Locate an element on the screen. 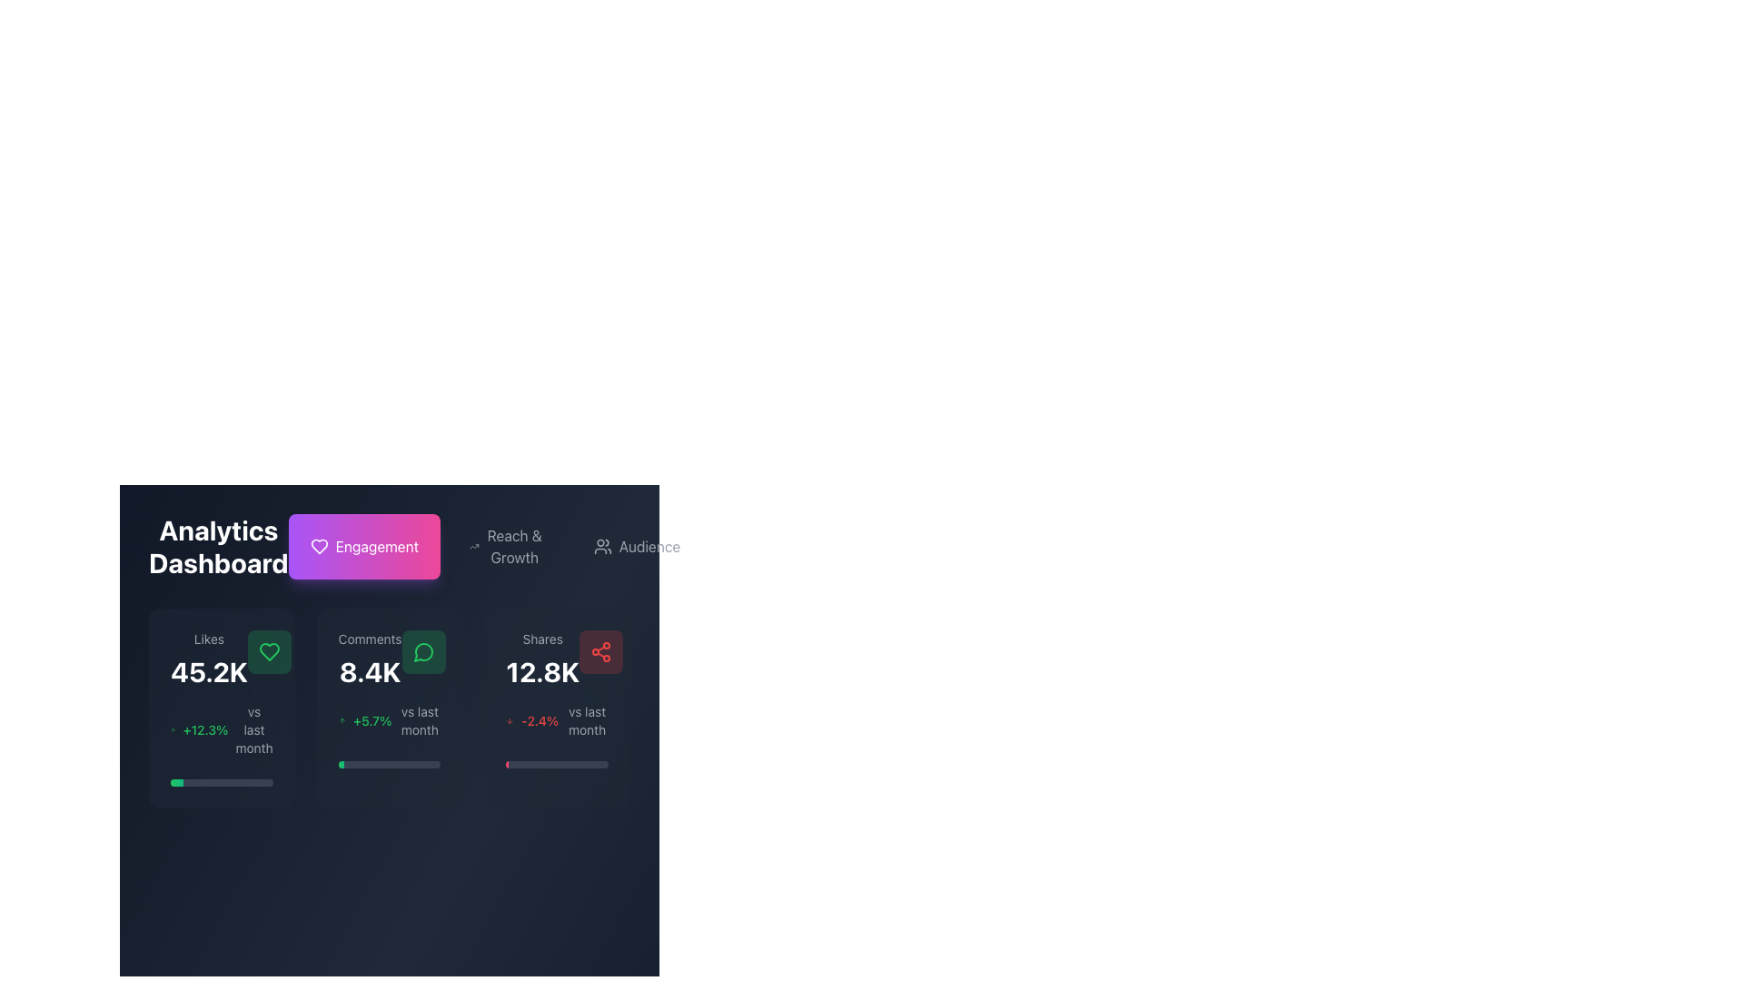 This screenshot has height=981, width=1744. the title or heading text element related to analytics is located at coordinates (218, 545).